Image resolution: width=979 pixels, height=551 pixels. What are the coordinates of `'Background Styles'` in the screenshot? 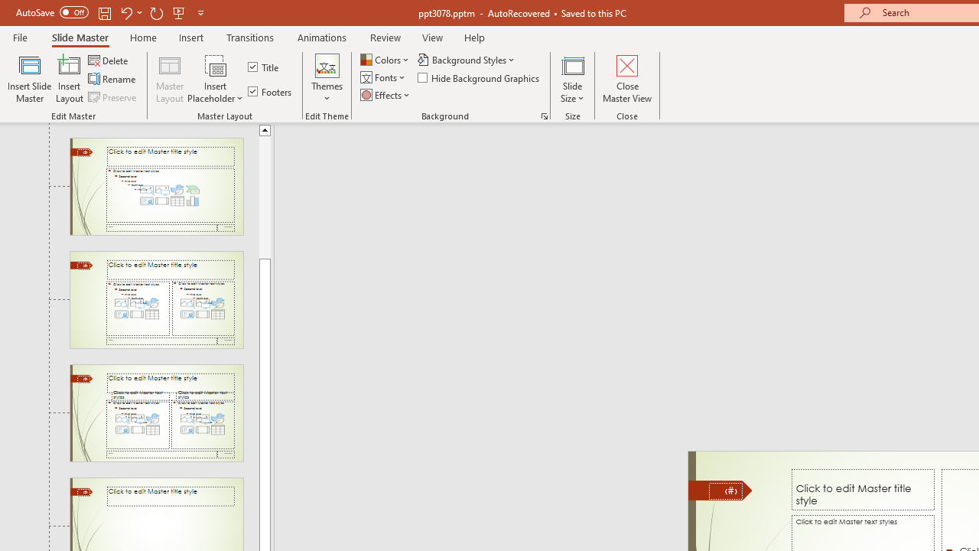 It's located at (467, 59).